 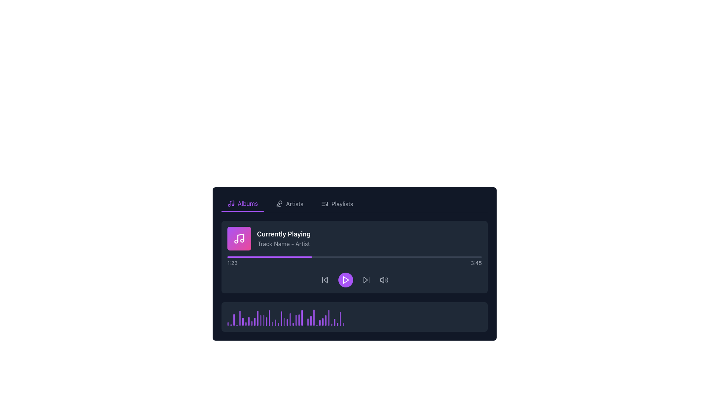 I want to click on the 6th vertical purple bar of the audio visualizer, which has rounded edges and is part of a series of similar bars at the bottom of the music player interface, so click(x=243, y=321).